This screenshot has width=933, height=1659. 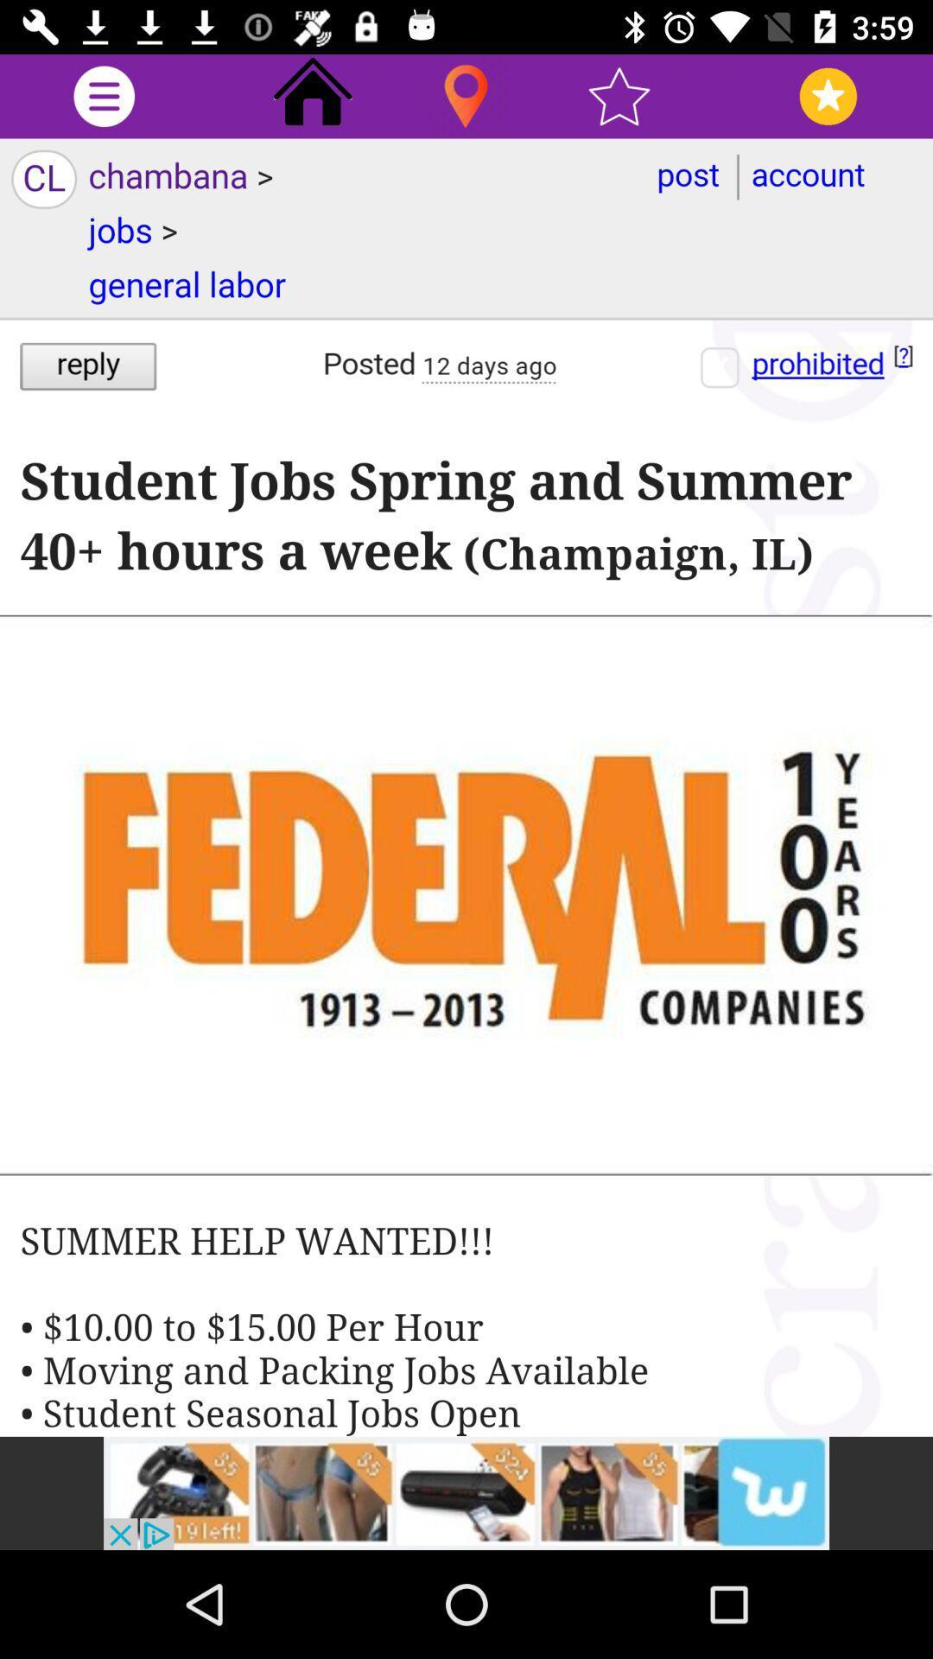 What do you see at coordinates (465, 95) in the screenshot?
I see `search` at bounding box center [465, 95].